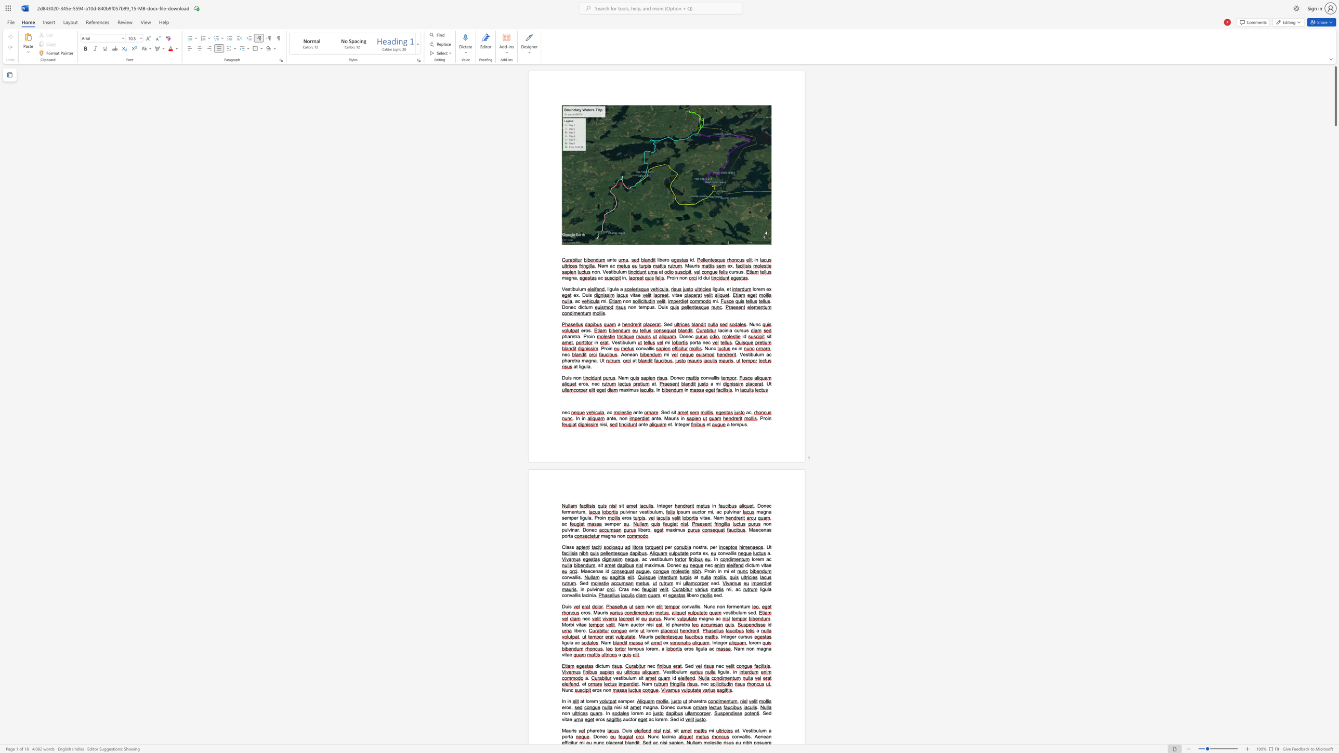 The height and width of the screenshot is (753, 1339). What do you see at coordinates (684, 278) in the screenshot?
I see `the 2th character "o" in the text` at bounding box center [684, 278].